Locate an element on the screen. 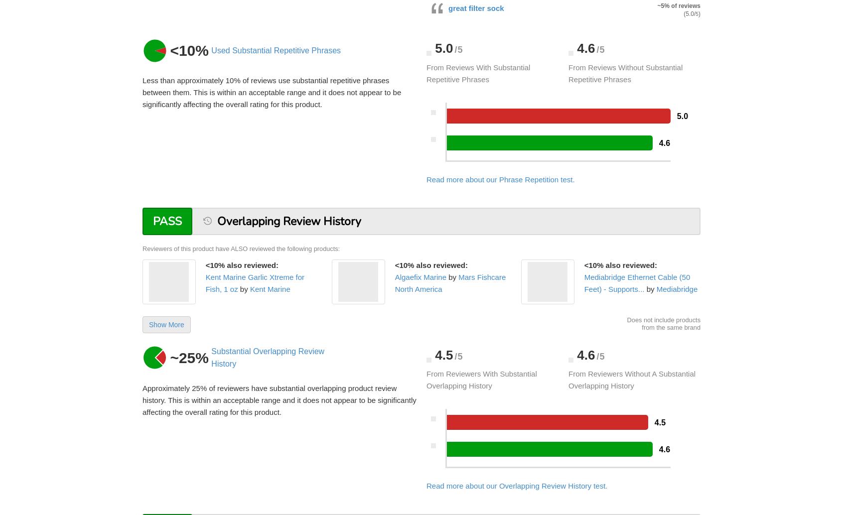 The image size is (843, 515). ')' is located at coordinates (700, 13).